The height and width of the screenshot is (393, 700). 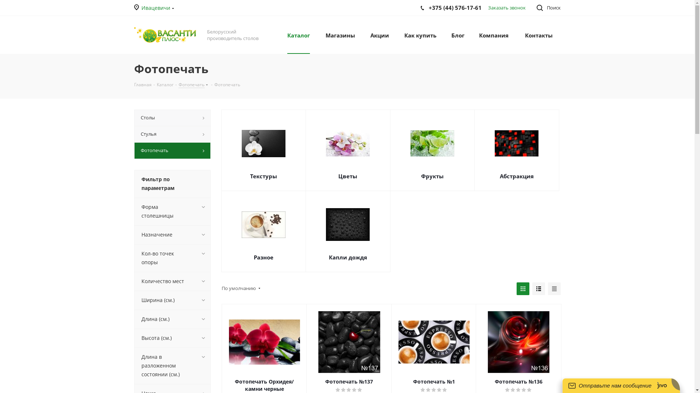 I want to click on 'Y', so click(x=2, y=2).